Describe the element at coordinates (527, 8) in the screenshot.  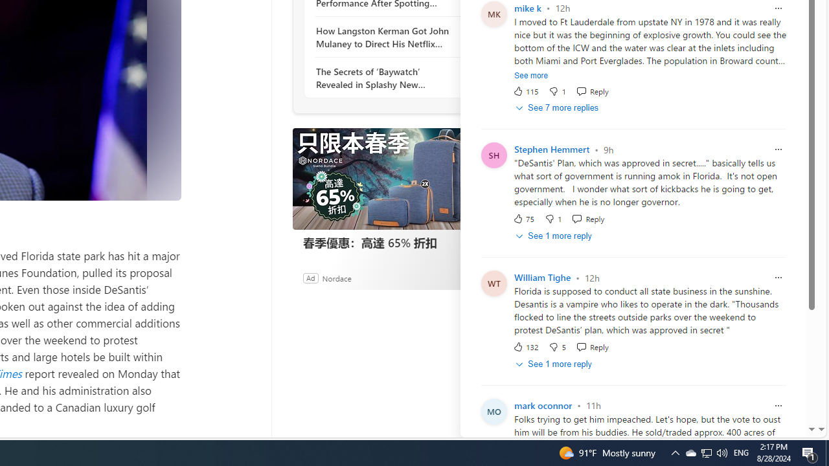
I see `'mike k'` at that location.